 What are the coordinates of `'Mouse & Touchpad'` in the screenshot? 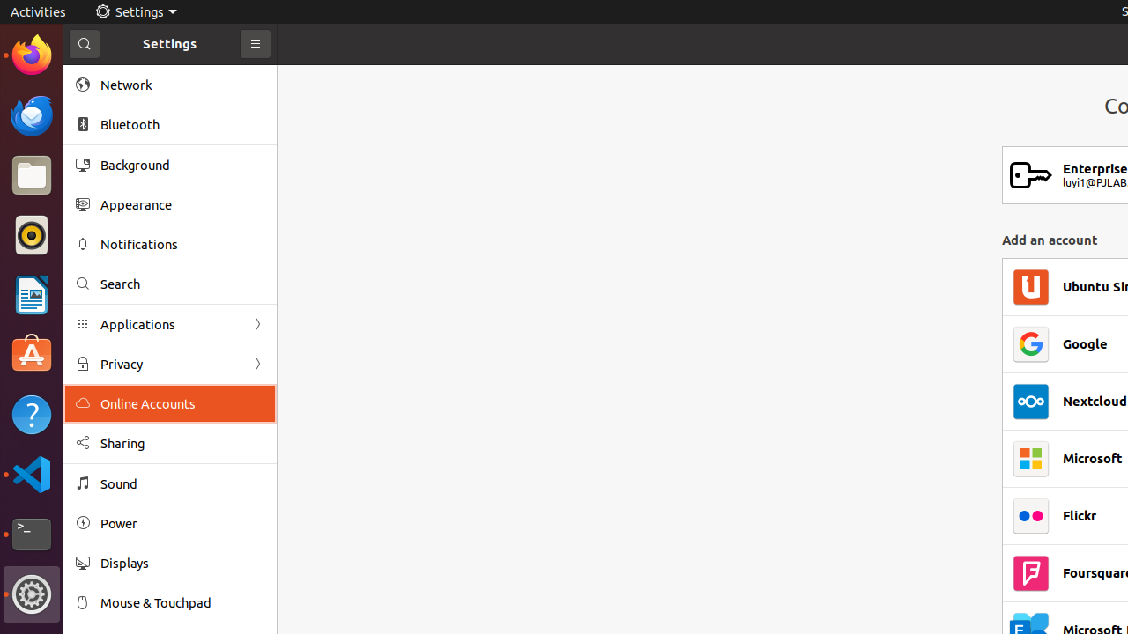 It's located at (182, 601).